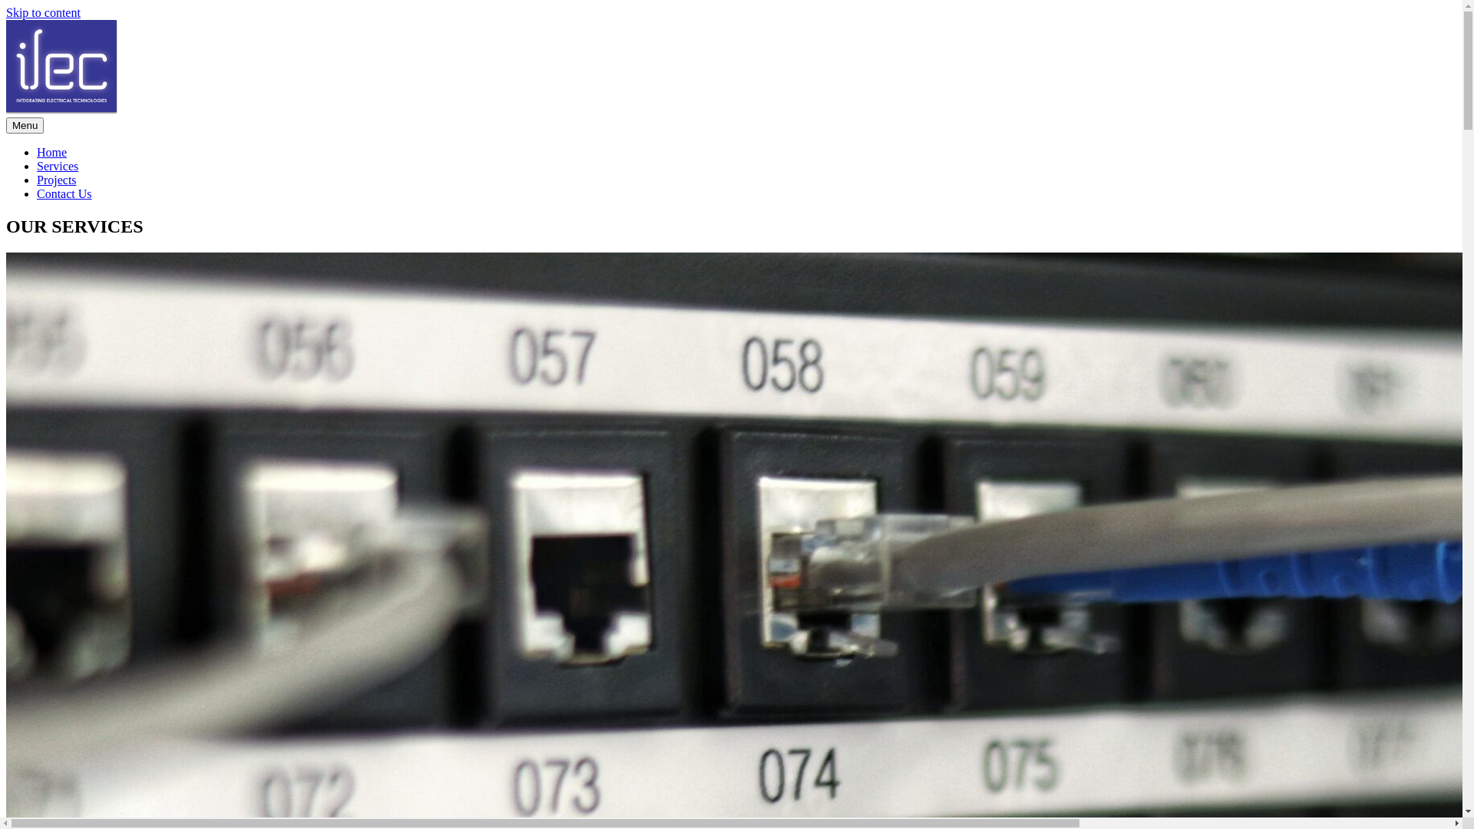  Describe the element at coordinates (58, 166) in the screenshot. I see `'Services'` at that location.